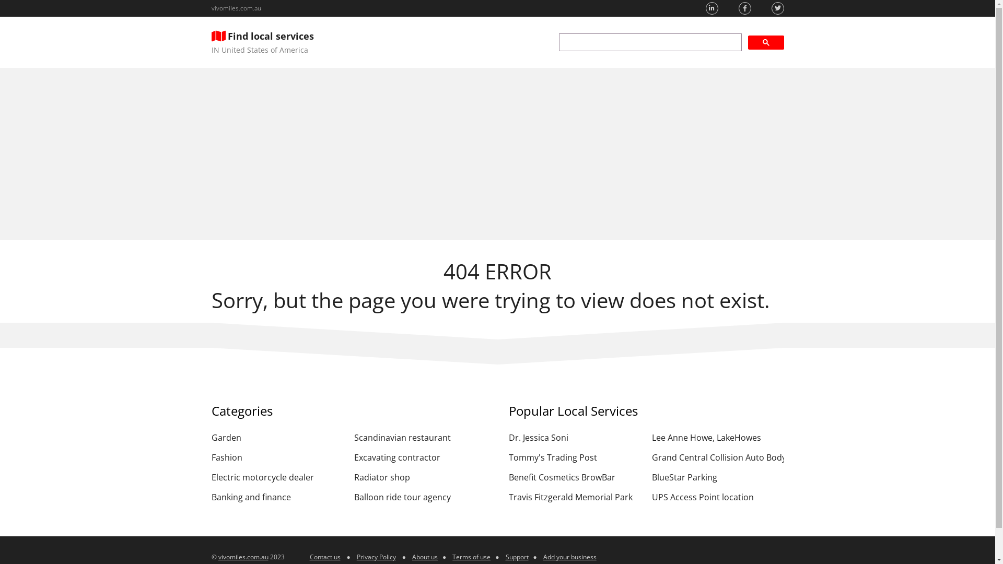  Describe the element at coordinates (717, 456) in the screenshot. I see `'Grand Central Collision Auto Body Repair'` at that location.